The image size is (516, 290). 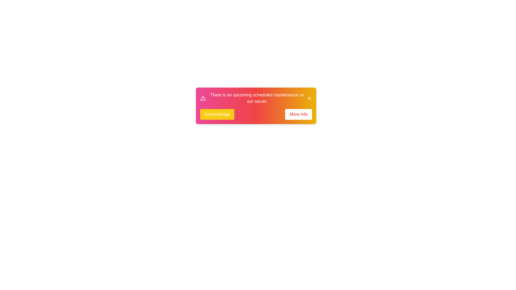 I want to click on 'More Info' button to retrieve additional information, so click(x=298, y=114).